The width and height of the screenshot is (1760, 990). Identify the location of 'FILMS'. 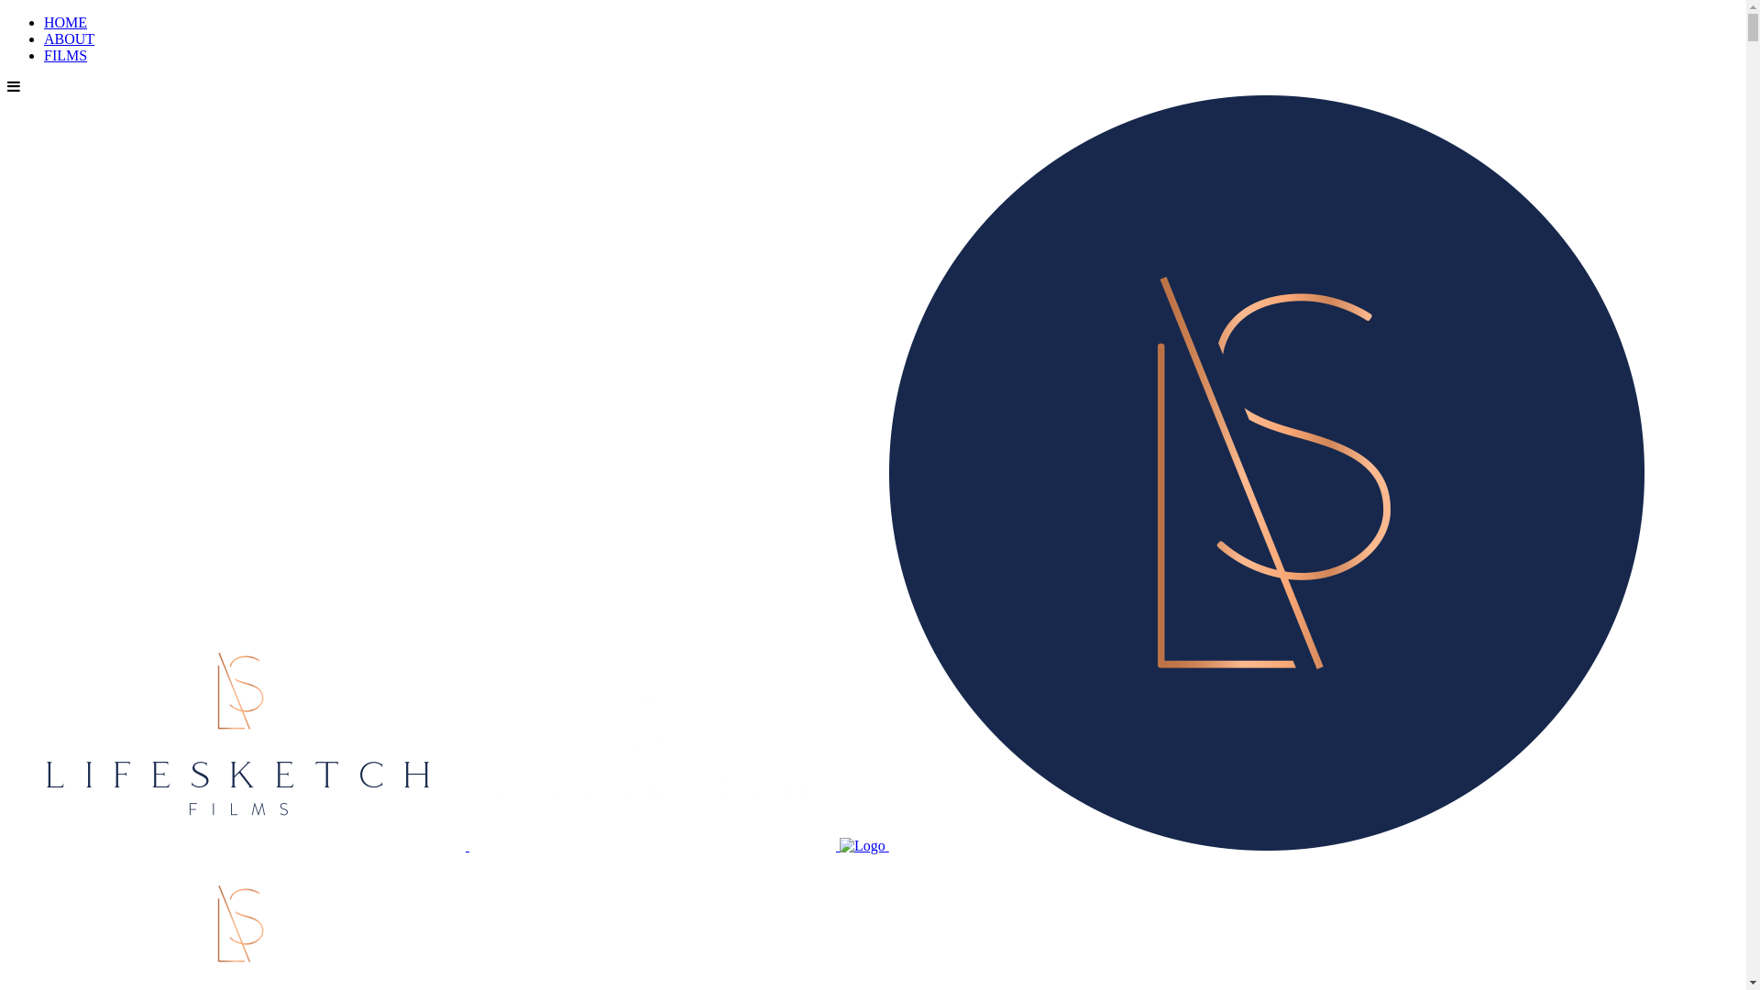
(44, 54).